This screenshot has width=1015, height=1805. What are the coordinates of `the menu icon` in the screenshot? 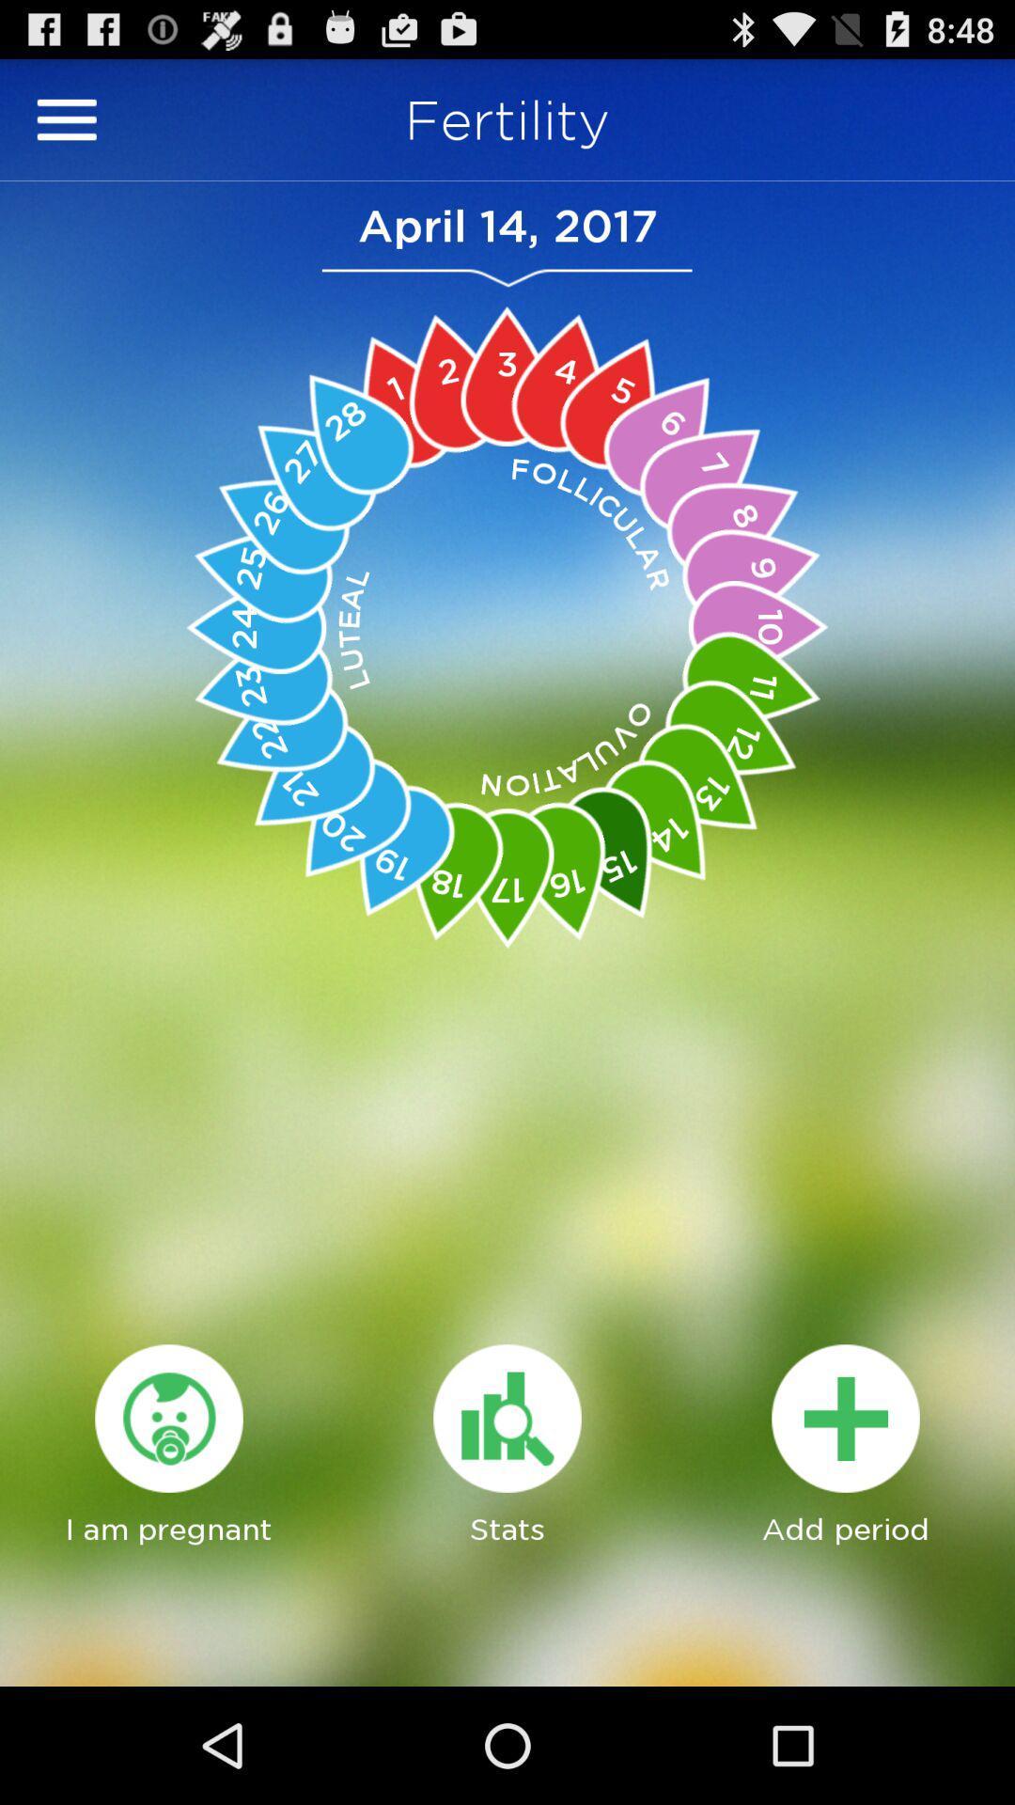 It's located at (66, 127).